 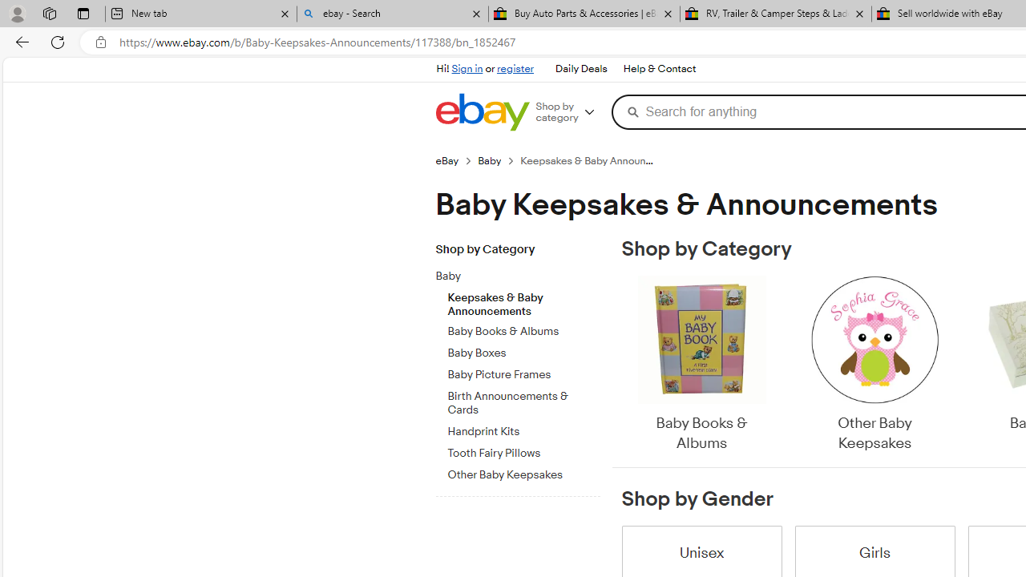 What do you see at coordinates (455, 160) in the screenshot?
I see `'eBay'` at bounding box center [455, 160].